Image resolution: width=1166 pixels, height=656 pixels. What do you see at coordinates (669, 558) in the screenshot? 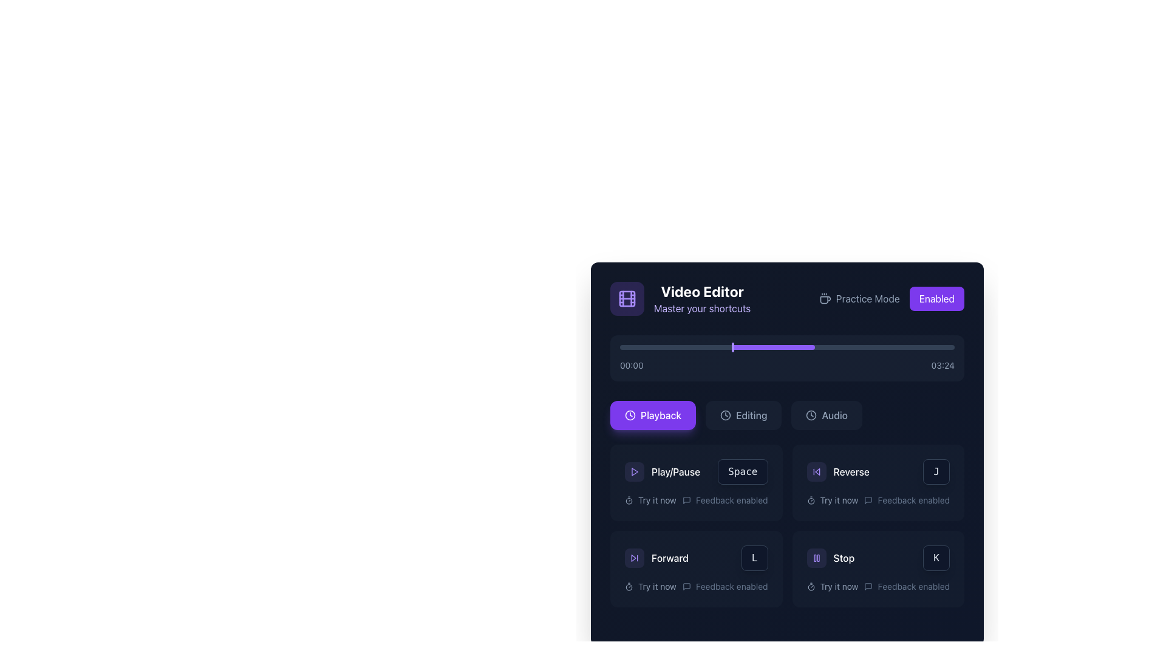
I see `the 'Forward' text label which is styled in white on a dark background, indicating media navigation controls` at bounding box center [669, 558].